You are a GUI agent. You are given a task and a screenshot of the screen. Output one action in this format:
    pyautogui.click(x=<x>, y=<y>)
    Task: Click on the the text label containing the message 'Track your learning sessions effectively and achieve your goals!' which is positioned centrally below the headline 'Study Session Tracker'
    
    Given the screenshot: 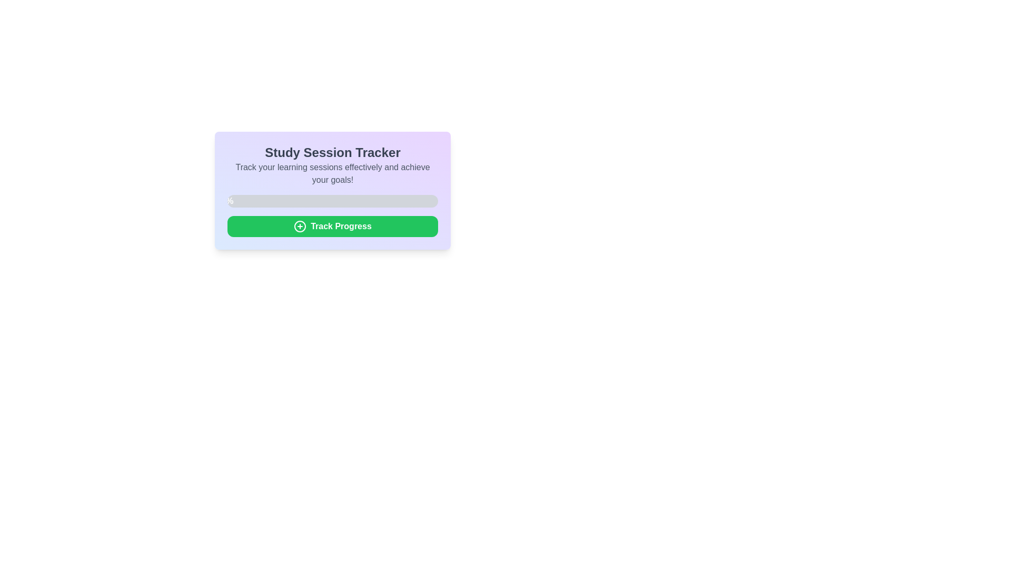 What is the action you would take?
    pyautogui.click(x=332, y=173)
    